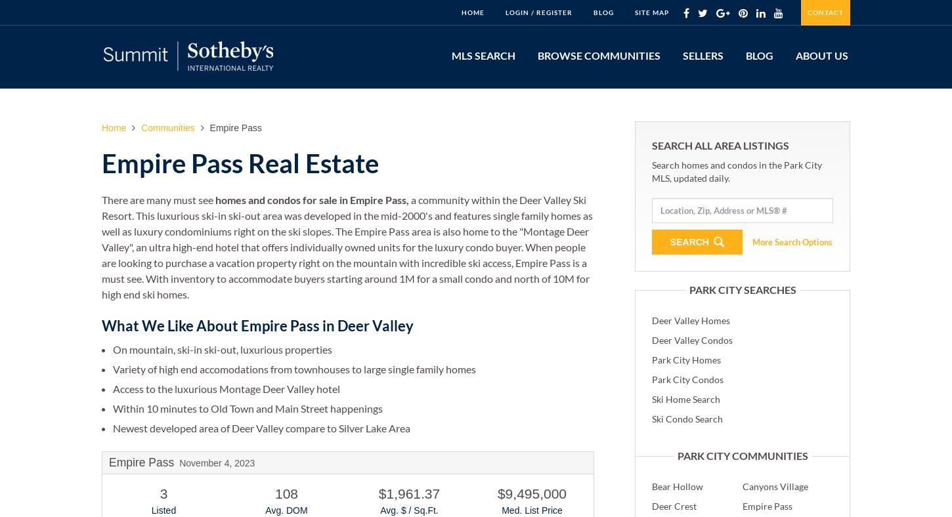 The width and height of the screenshot is (952, 517). What do you see at coordinates (691, 319) in the screenshot?
I see `'Deer Valley Homes'` at bounding box center [691, 319].